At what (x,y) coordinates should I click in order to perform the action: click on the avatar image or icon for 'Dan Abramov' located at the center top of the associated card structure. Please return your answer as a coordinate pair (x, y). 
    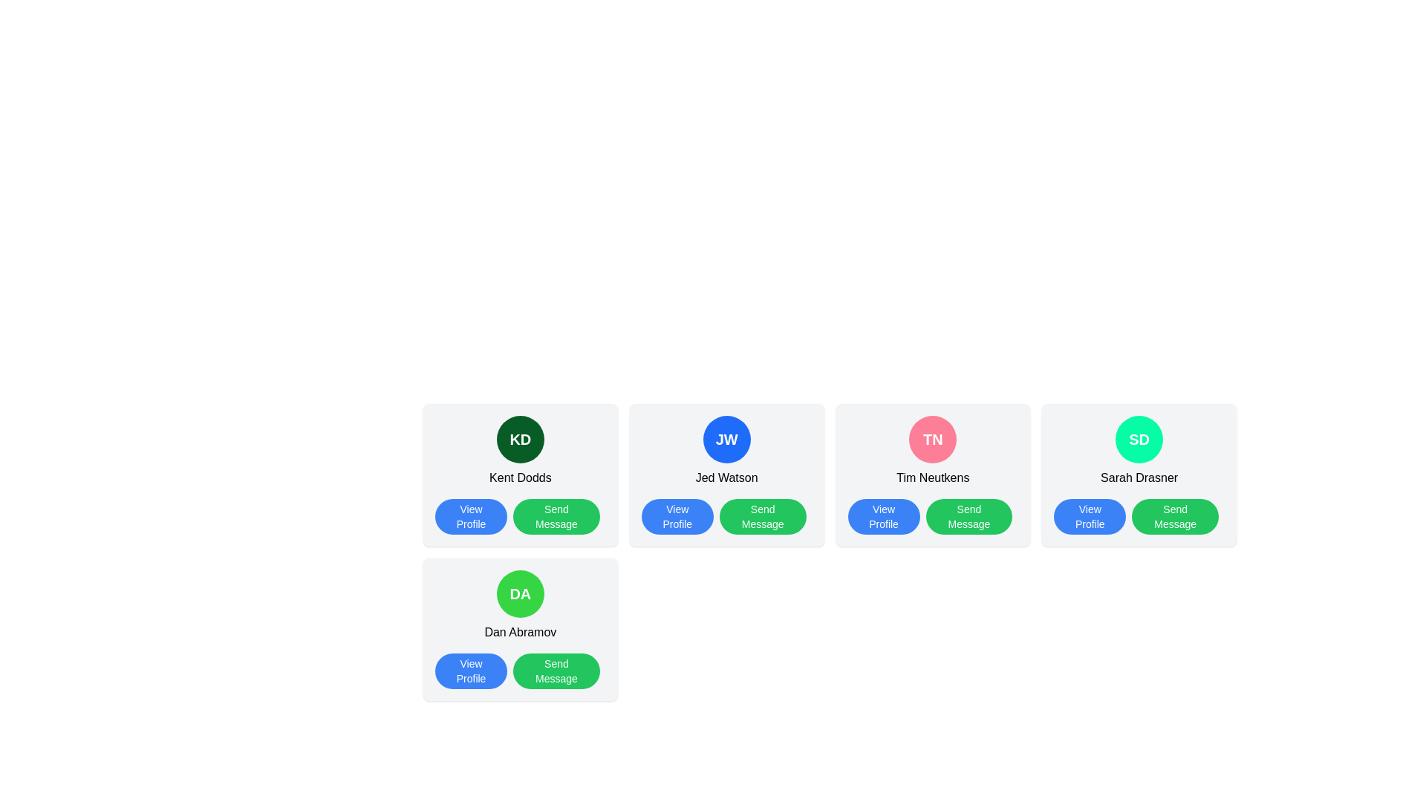
    Looking at the image, I should click on (520, 593).